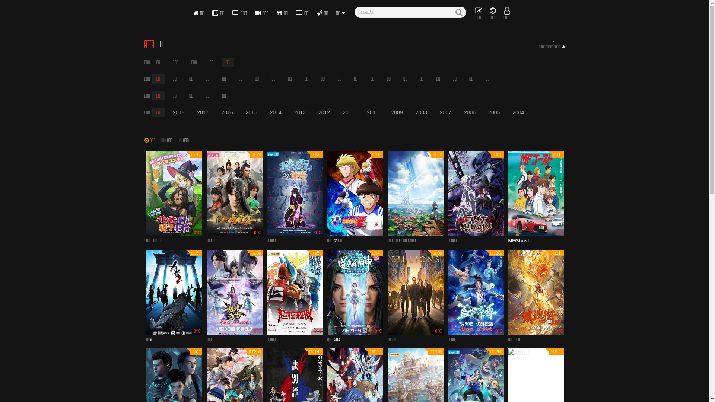 This screenshot has height=402, width=715. What do you see at coordinates (178, 112) in the screenshot?
I see `'2018'` at bounding box center [178, 112].